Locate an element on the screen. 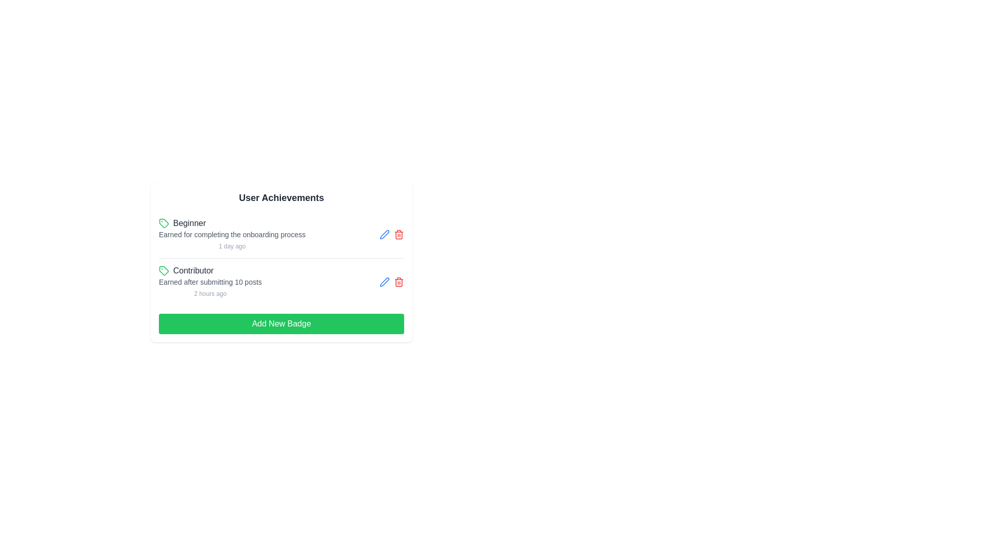 The image size is (981, 551). the text label reading 'Earned for completing the onboarding process', which is styled in a smaller gray font and positioned below the 'Beginner' label in the achievements section is located at coordinates (231, 234).